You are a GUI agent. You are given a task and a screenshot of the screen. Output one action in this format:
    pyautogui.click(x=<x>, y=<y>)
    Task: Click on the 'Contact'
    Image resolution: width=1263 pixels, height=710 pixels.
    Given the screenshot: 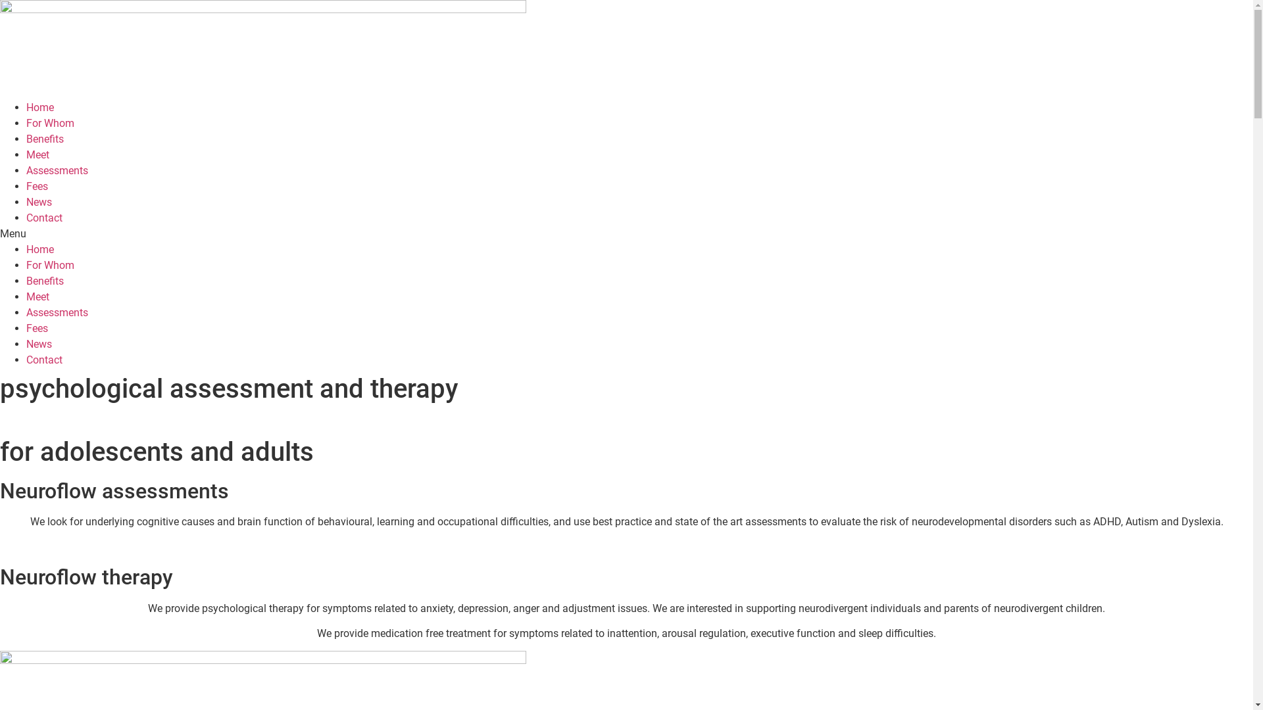 What is the action you would take?
    pyautogui.click(x=44, y=217)
    